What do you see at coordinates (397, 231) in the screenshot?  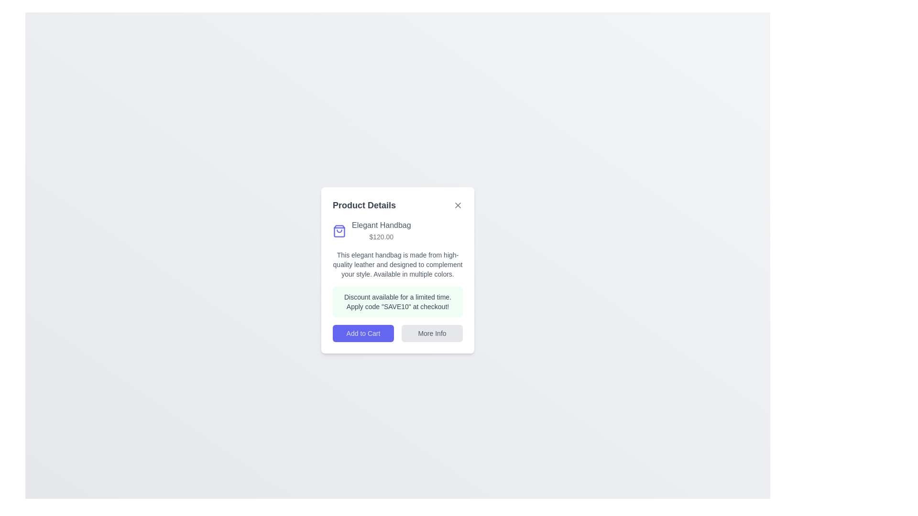 I see `the product name and price text` at bounding box center [397, 231].